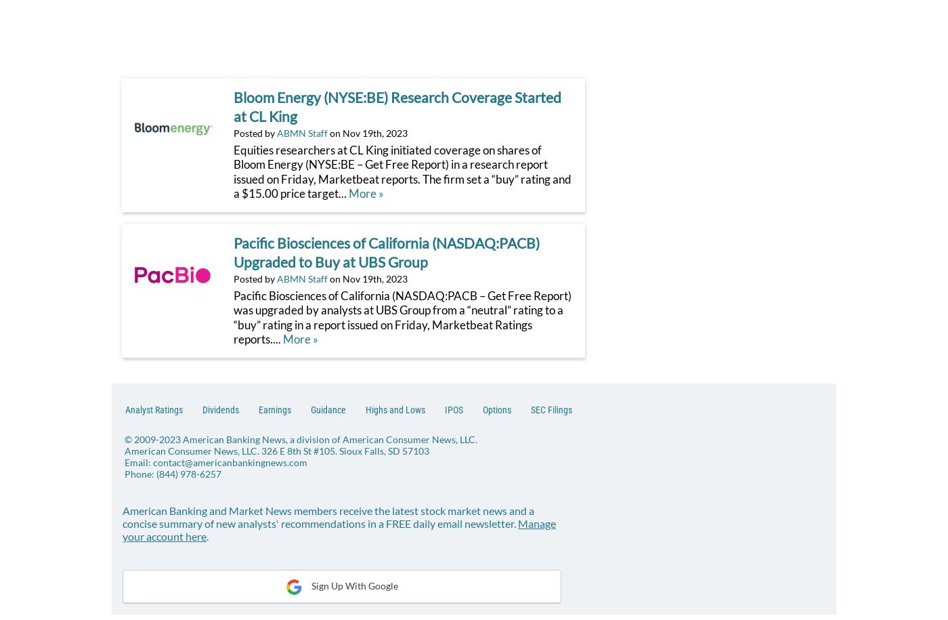 The image size is (948, 620). Describe the element at coordinates (328, 408) in the screenshot. I see `'Guidance'` at that location.